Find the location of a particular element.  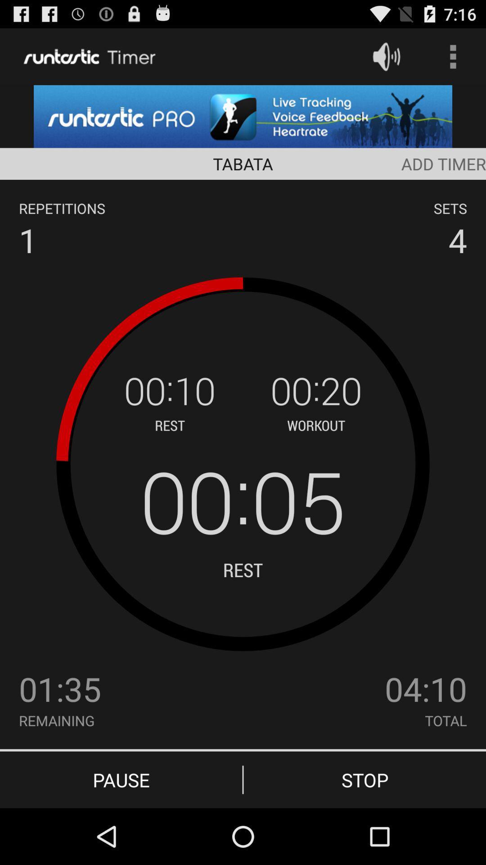

app above tabata app is located at coordinates (243, 116).